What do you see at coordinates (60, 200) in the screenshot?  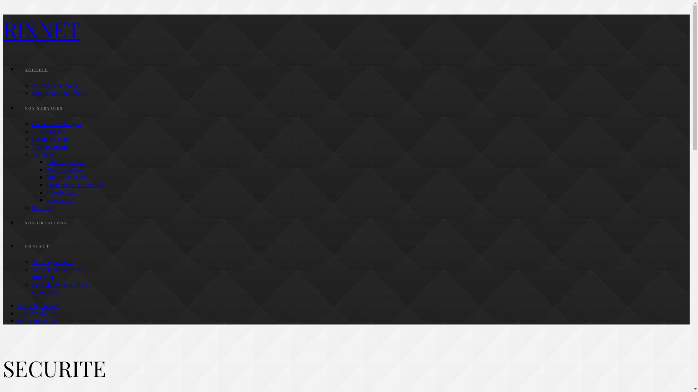 I see `'Newsletter'` at bounding box center [60, 200].